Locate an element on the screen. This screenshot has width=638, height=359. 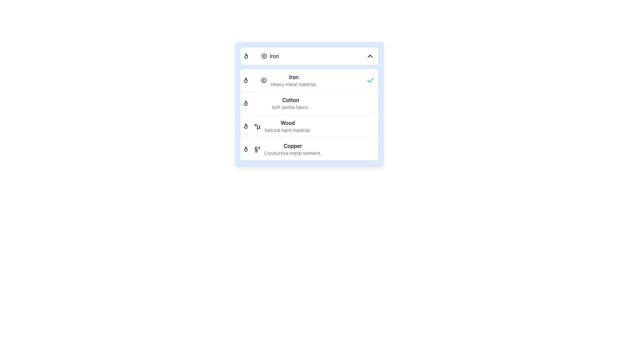
the first list item that contains a lock icon, the bold text 'Iron', and a supporting description 'Heavy metal material.' is located at coordinates (309, 80).